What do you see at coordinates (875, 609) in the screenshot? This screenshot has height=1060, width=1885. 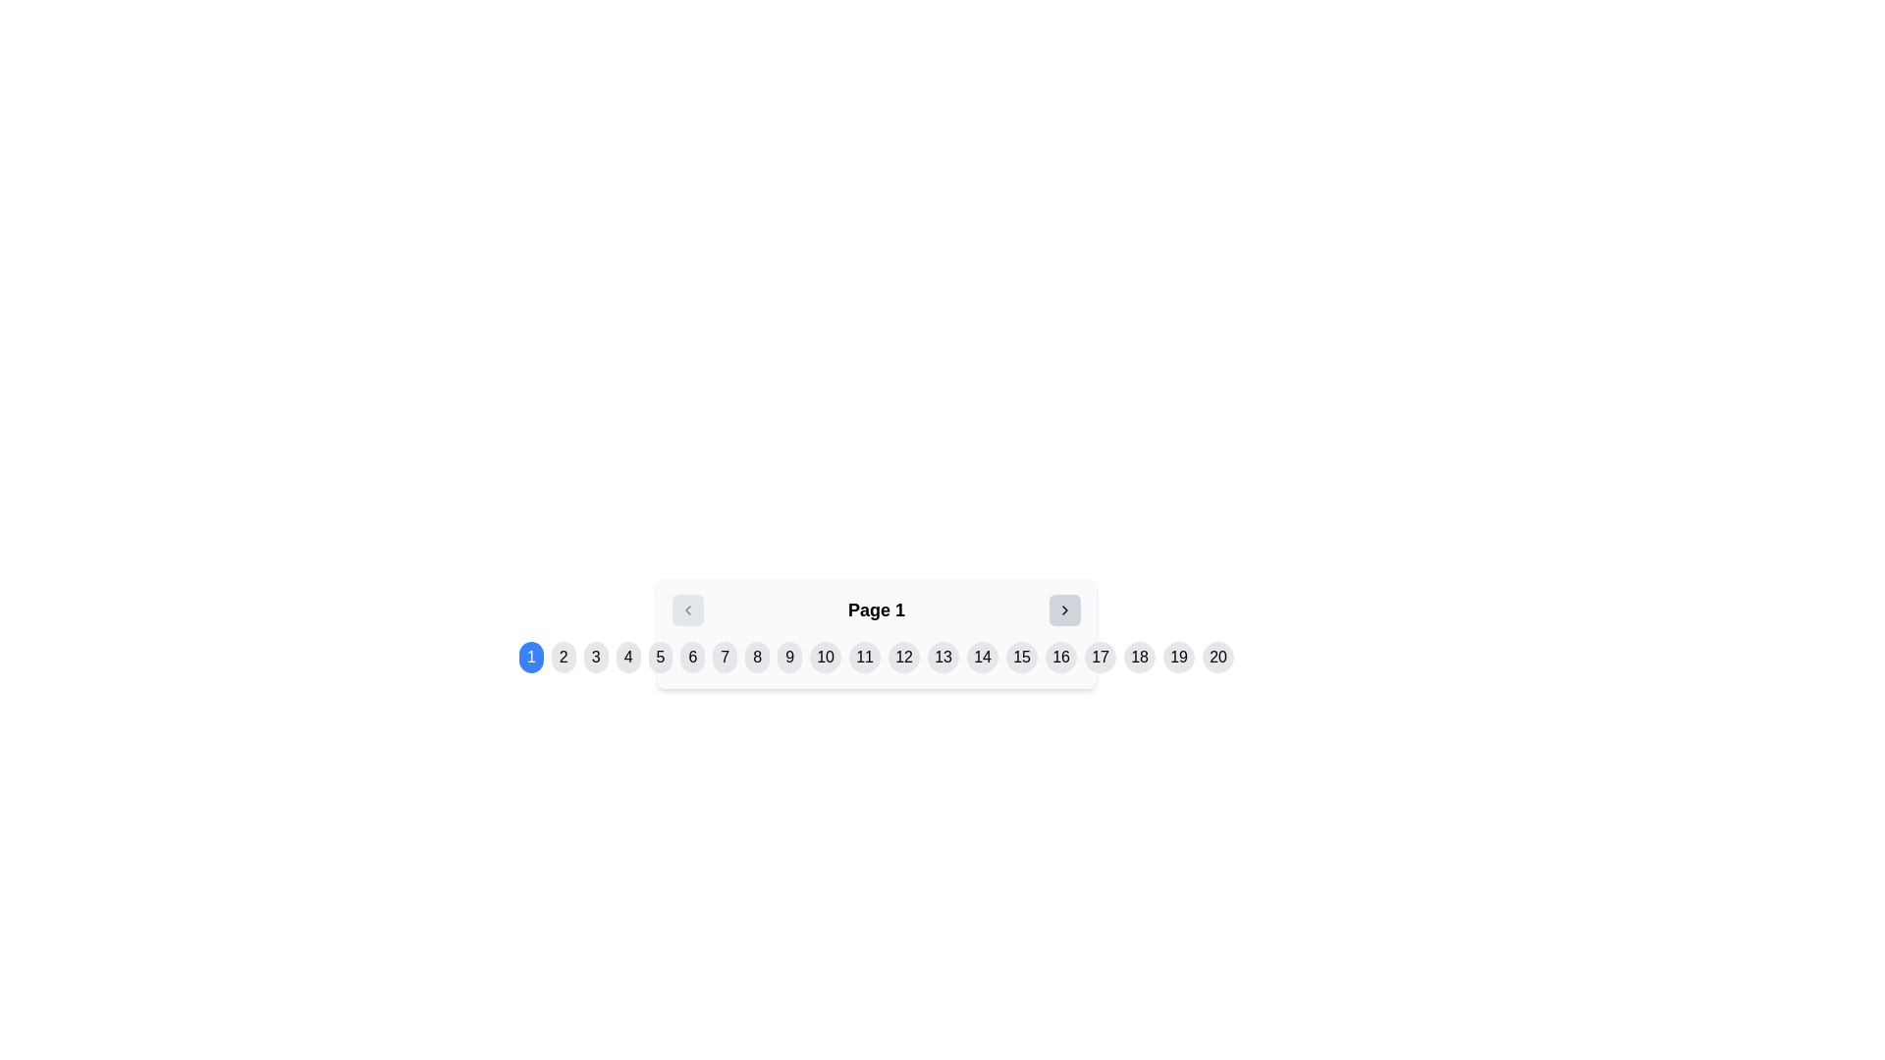 I see `the bold text label displaying 'Page 1' located in the center of the navigation bar` at bounding box center [875, 609].